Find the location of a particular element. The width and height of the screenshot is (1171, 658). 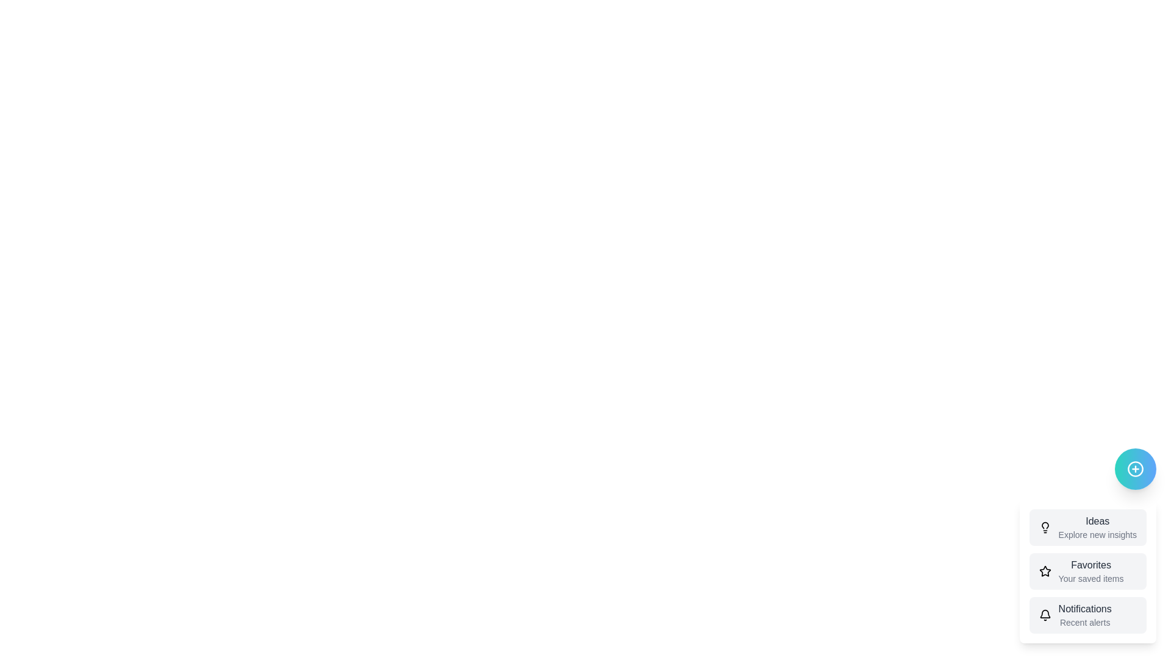

the outermost circular border of the decorative button located in the bottom-right corner of the interface is located at coordinates (1135, 469).